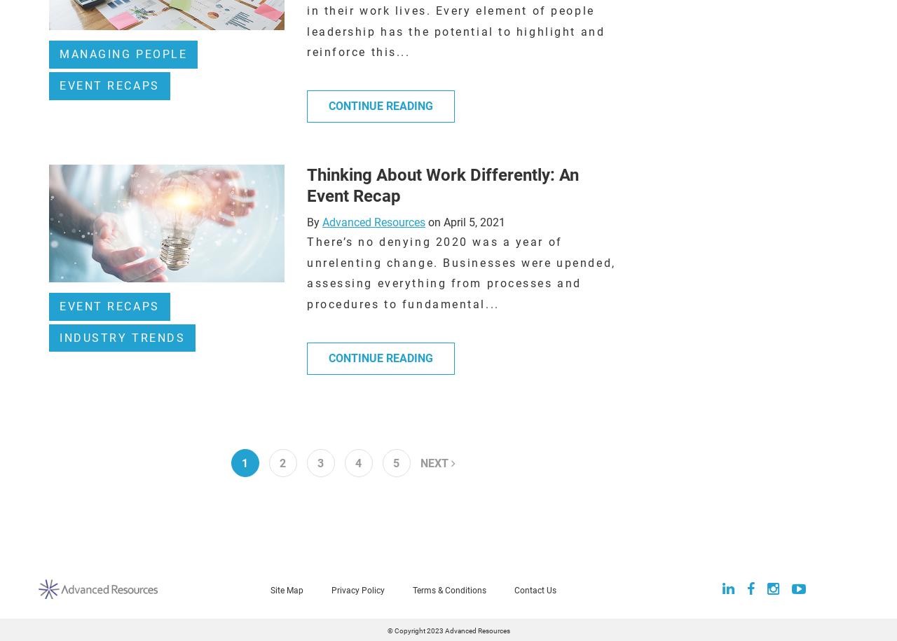 This screenshot has height=641, width=897. I want to click on '3', so click(316, 462).